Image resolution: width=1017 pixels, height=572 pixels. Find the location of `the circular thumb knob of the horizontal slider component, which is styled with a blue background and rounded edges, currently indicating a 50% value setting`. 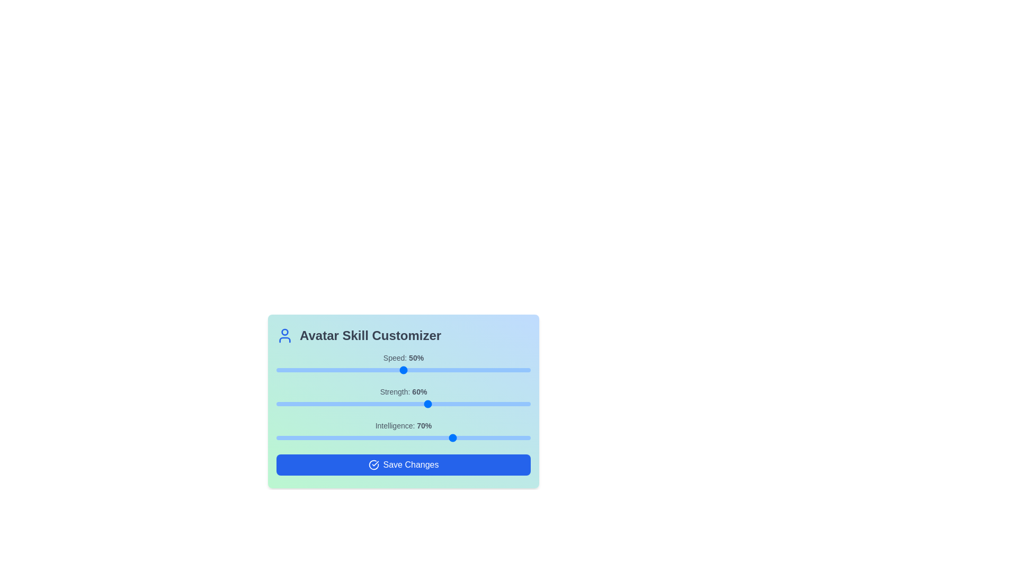

the circular thumb knob of the horizontal slider component, which is styled with a blue background and rounded edges, currently indicating a 50% value setting is located at coordinates (403, 369).